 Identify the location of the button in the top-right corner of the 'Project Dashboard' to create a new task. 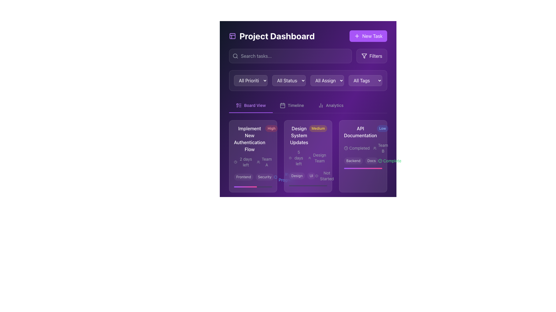
(368, 36).